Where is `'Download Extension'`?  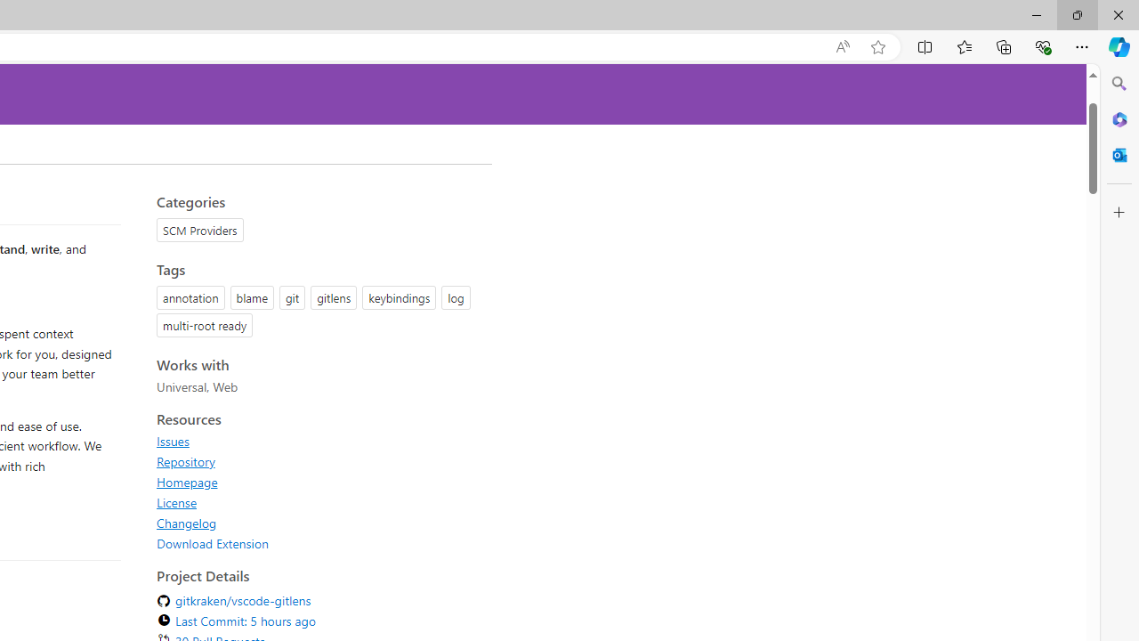 'Download Extension' is located at coordinates (213, 542).